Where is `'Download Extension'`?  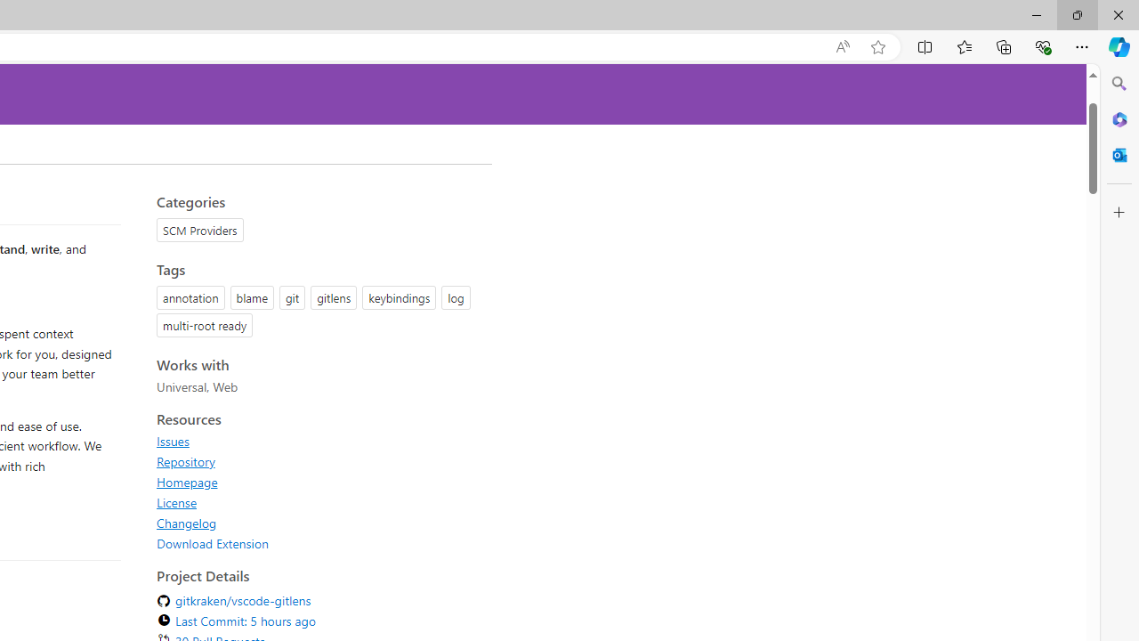 'Download Extension' is located at coordinates (213, 542).